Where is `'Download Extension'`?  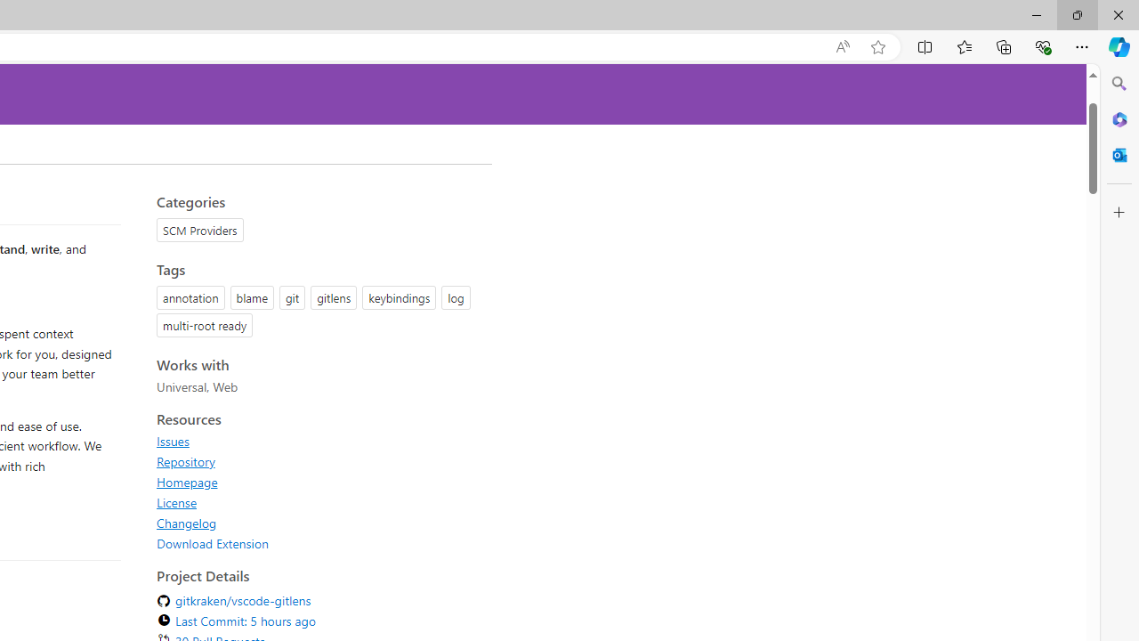 'Download Extension' is located at coordinates (213, 542).